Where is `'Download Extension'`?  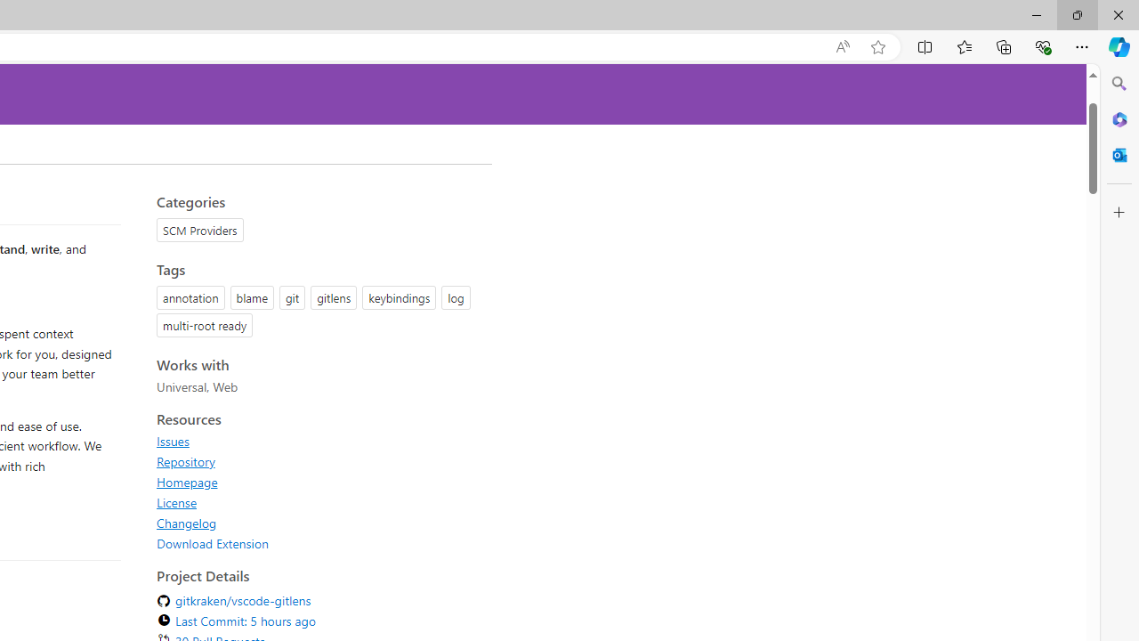 'Download Extension' is located at coordinates (213, 542).